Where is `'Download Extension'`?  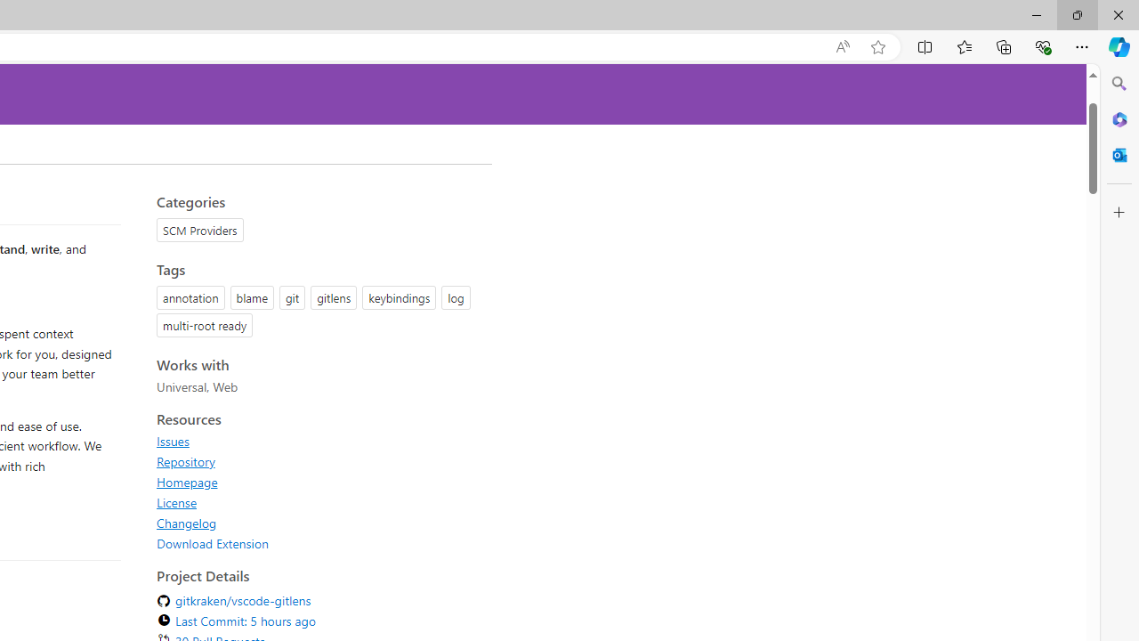 'Download Extension' is located at coordinates (213, 542).